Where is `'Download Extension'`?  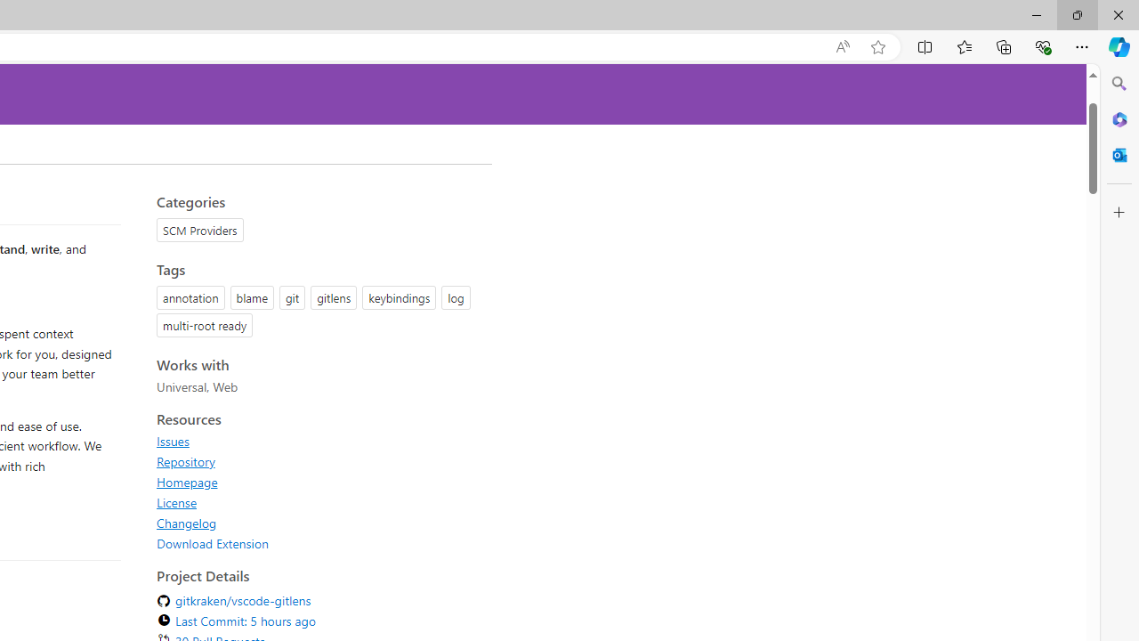 'Download Extension' is located at coordinates (213, 542).